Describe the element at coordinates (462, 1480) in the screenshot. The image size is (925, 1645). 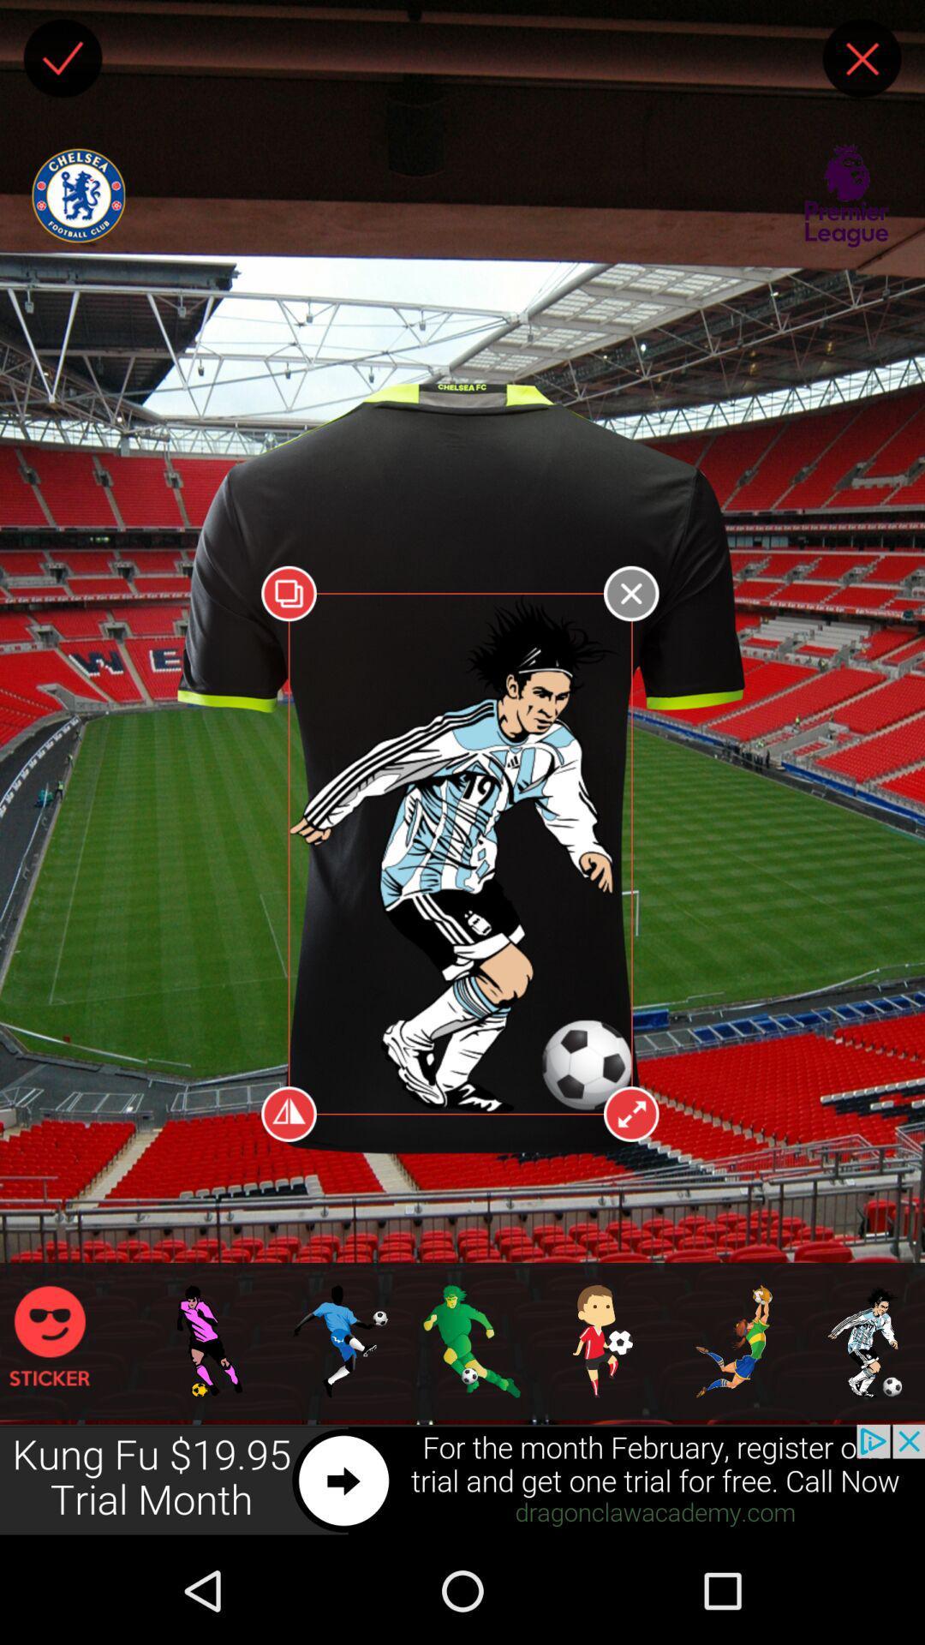
I see `preview advertisement` at that location.